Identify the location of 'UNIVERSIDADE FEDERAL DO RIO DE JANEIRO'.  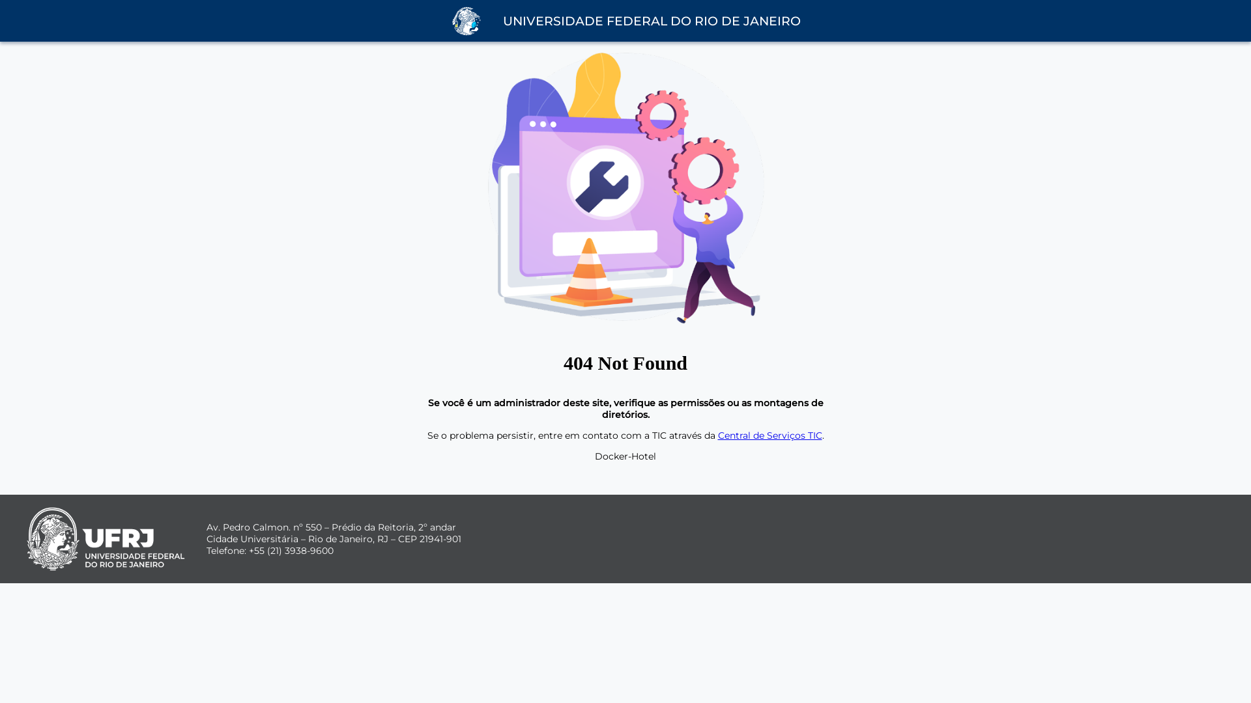
(652, 21).